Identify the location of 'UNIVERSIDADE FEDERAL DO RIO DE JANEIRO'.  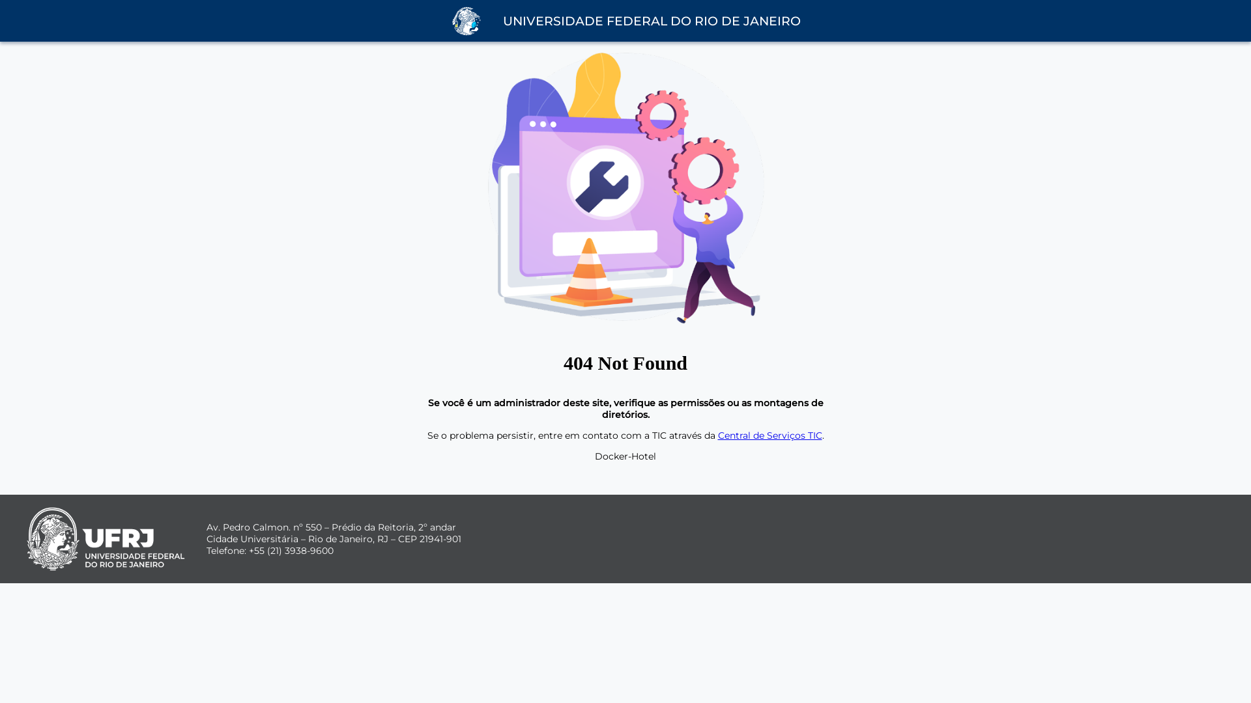
(652, 21).